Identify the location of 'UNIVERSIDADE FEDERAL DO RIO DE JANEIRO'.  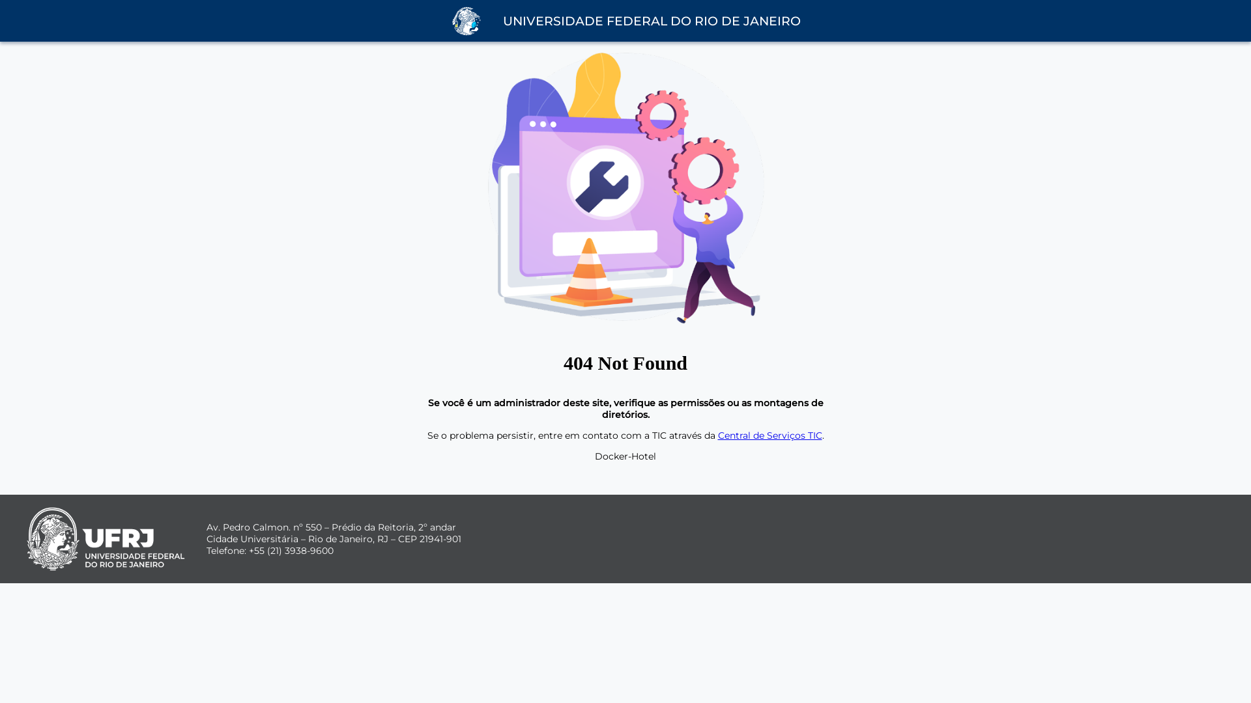
(652, 21).